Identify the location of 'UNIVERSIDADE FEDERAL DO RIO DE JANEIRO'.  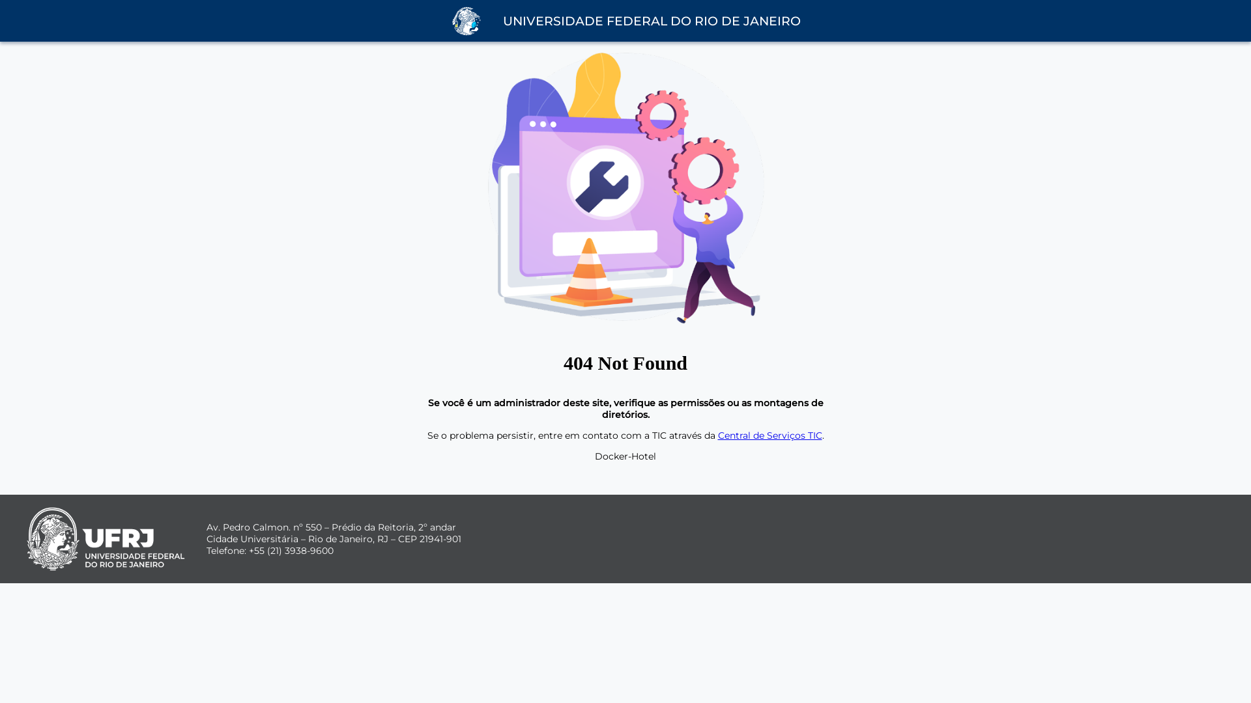
(652, 21).